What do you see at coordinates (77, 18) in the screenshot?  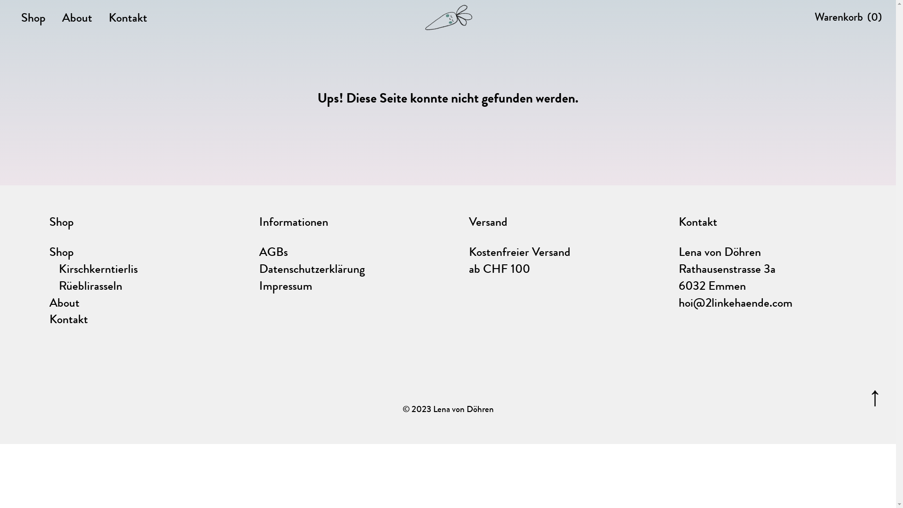 I see `'About'` at bounding box center [77, 18].